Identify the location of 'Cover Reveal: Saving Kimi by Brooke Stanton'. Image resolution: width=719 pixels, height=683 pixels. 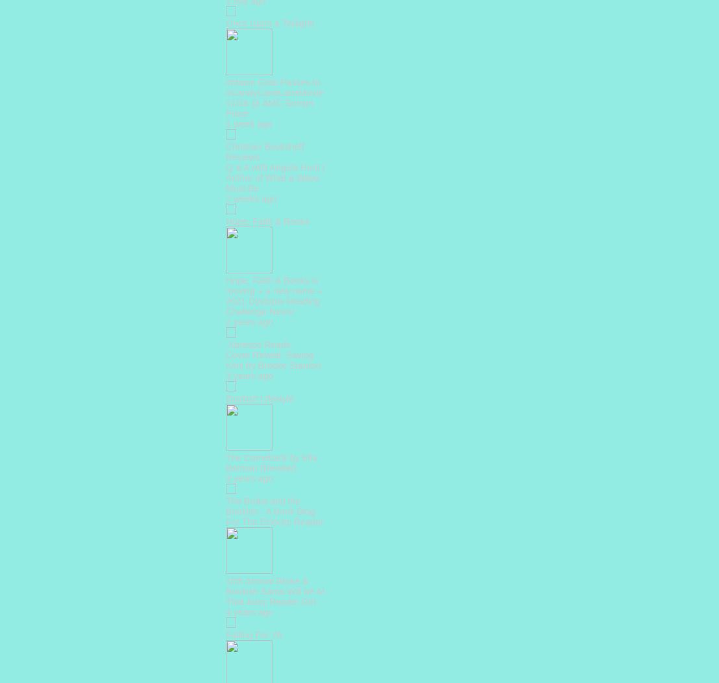
(273, 359).